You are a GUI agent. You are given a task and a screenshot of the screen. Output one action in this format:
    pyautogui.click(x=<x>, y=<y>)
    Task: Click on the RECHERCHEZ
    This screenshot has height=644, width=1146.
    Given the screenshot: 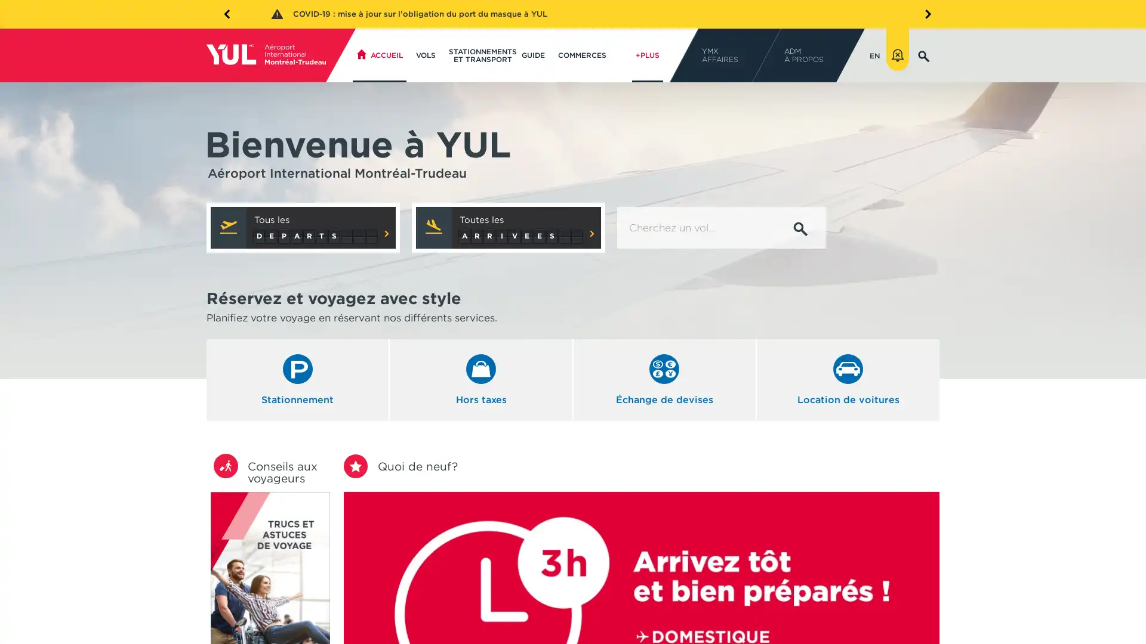 What is the action you would take?
    pyautogui.click(x=923, y=55)
    